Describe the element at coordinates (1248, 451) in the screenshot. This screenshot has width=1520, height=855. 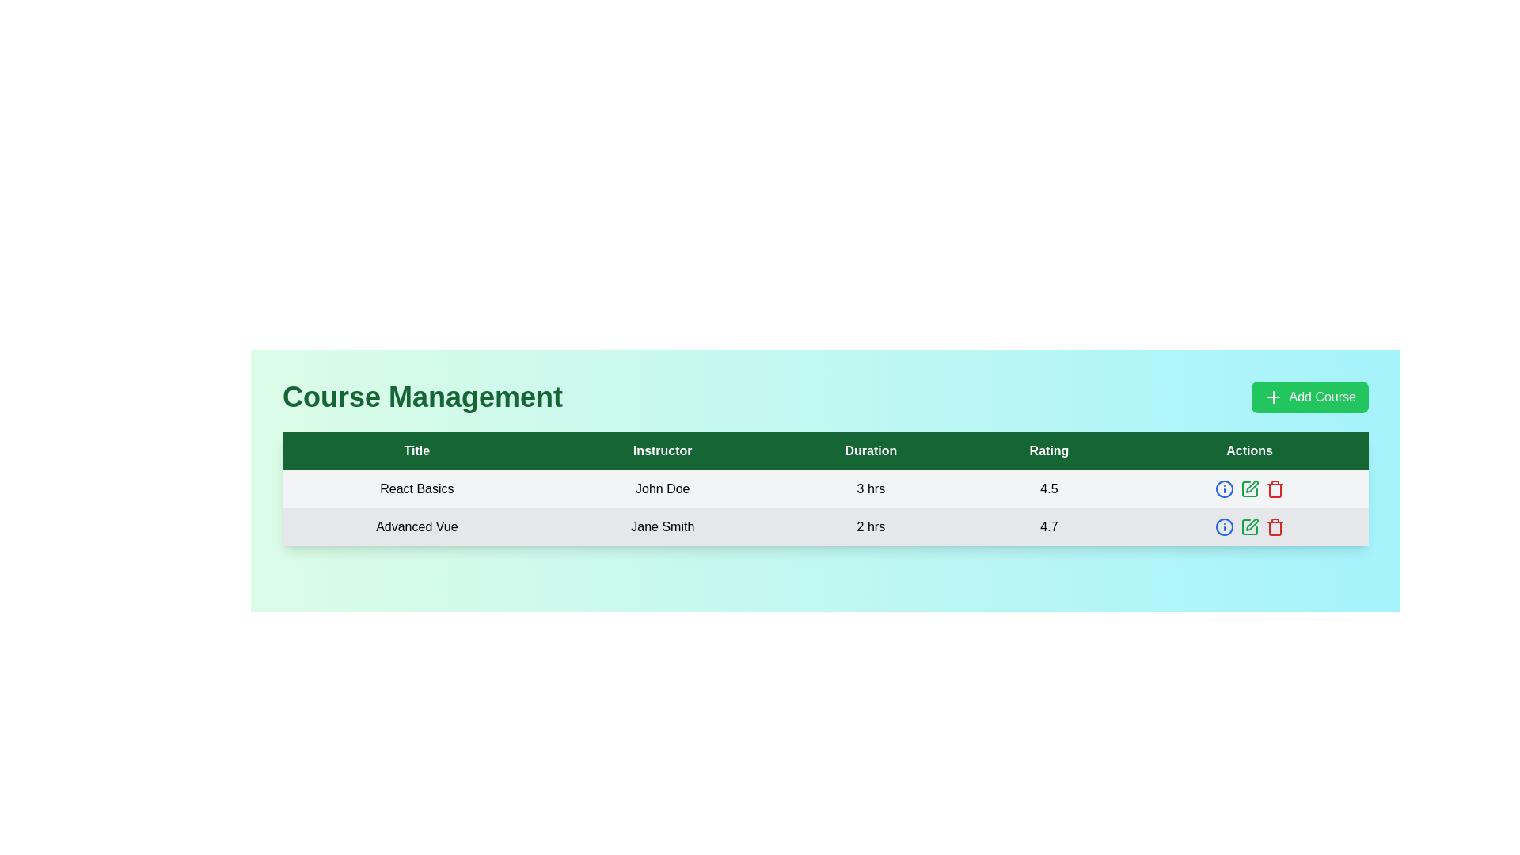
I see `the table header with a green background and white text labeled 'Actions', which is the rightmost column in the table header row` at that location.